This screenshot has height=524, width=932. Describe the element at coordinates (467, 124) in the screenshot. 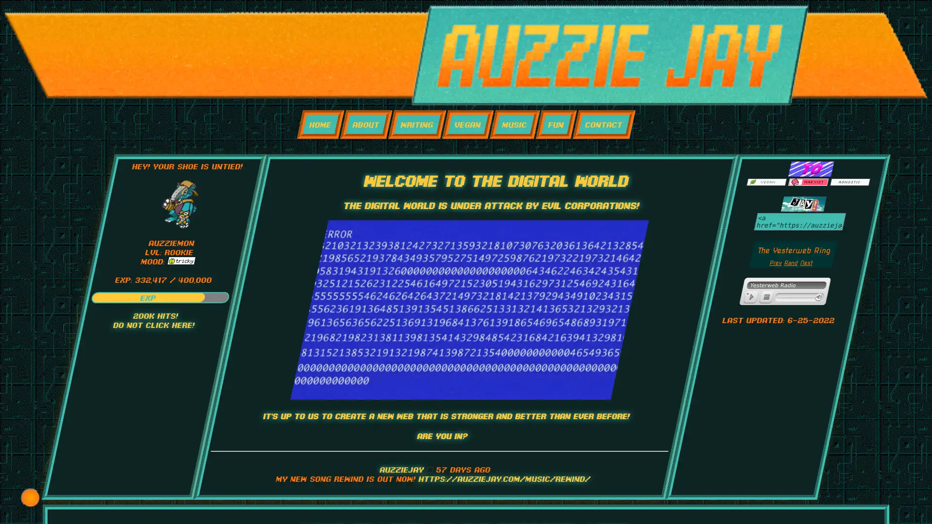

I see `VEGAN` at that location.